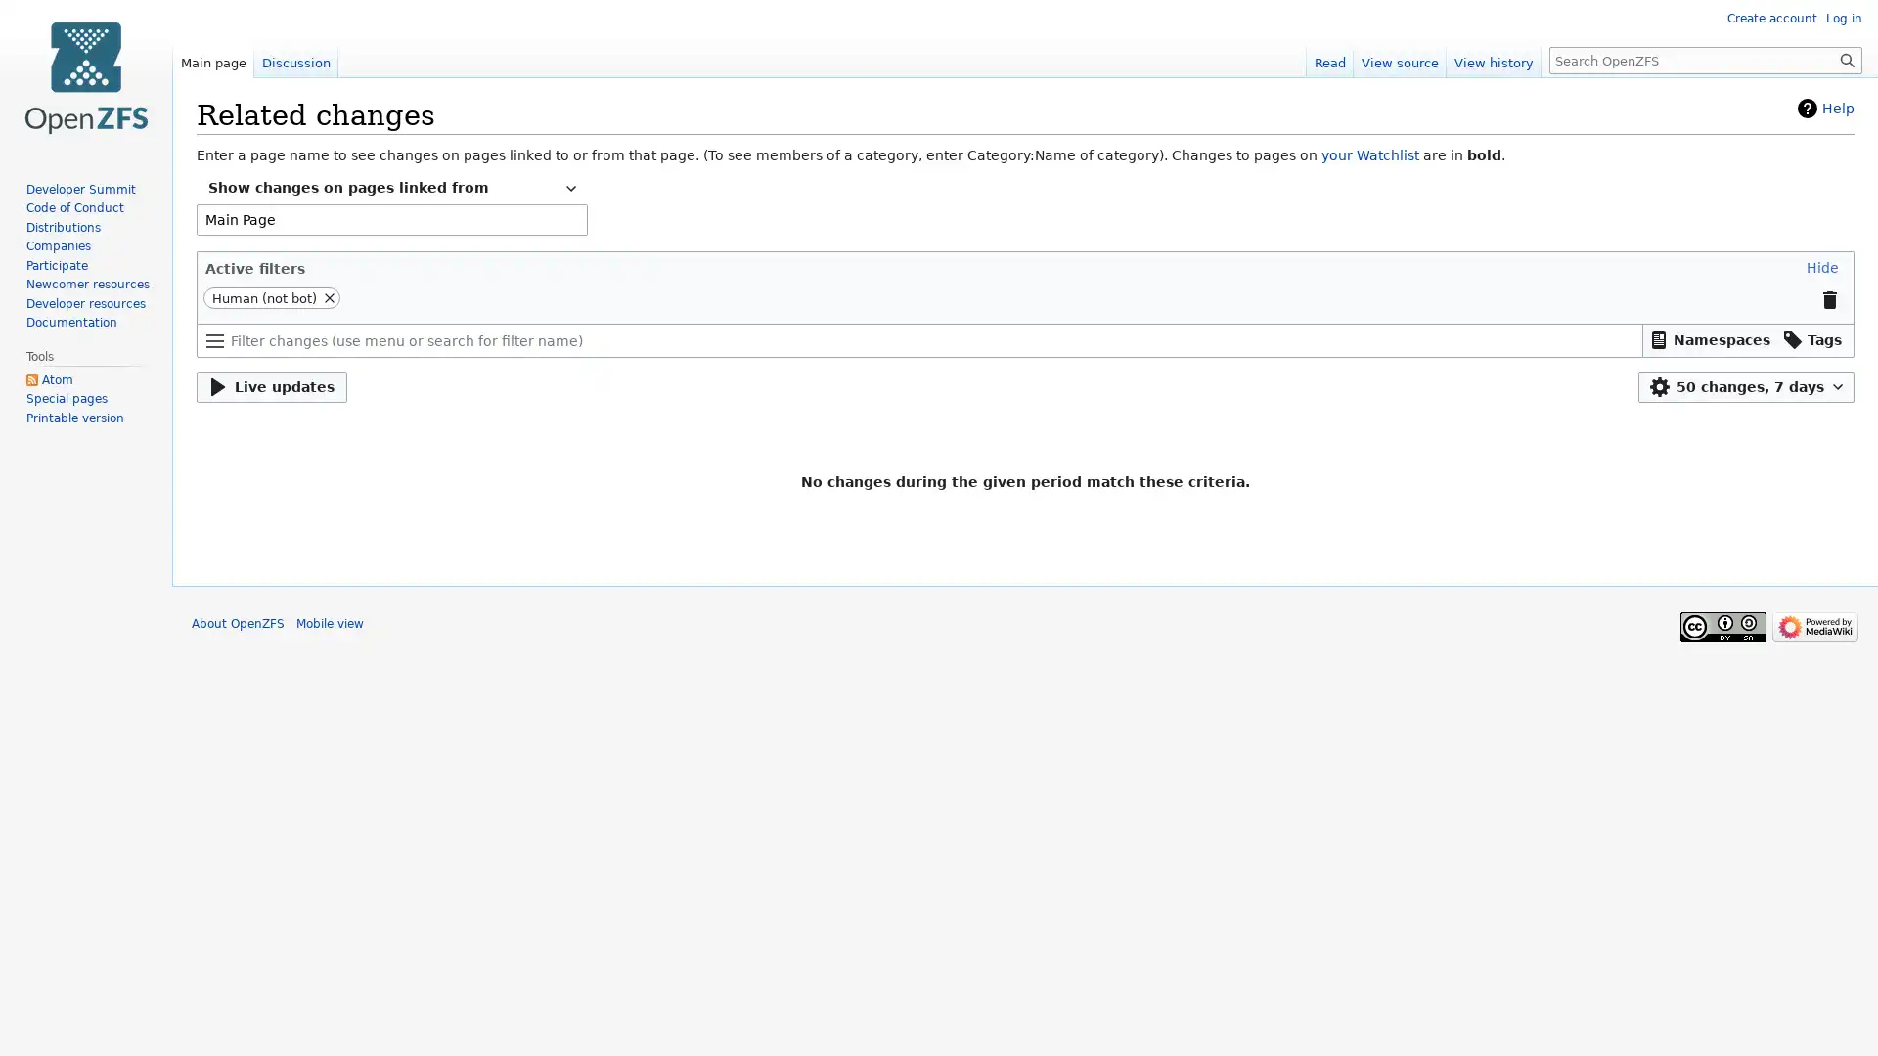  What do you see at coordinates (1828, 300) in the screenshot?
I see `Clear all filters` at bounding box center [1828, 300].